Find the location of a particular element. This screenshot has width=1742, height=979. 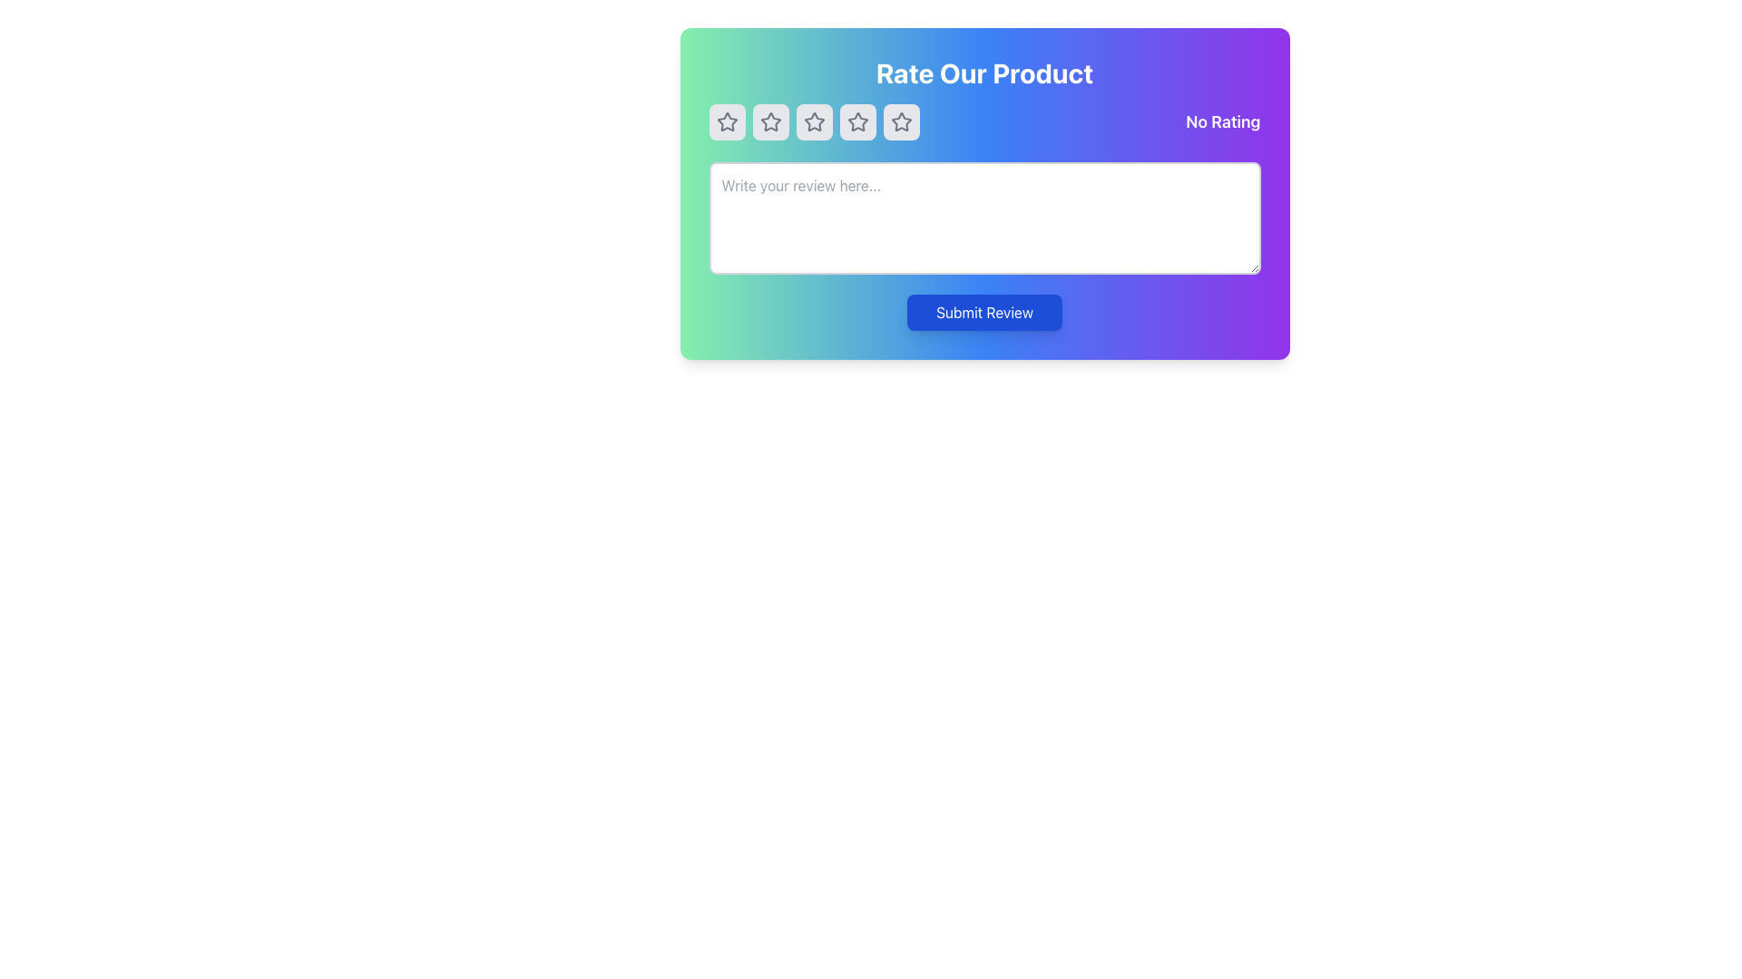

the star in the Rating Component located within the 'Rate Our Product' card to set the rating is located at coordinates (984, 122).